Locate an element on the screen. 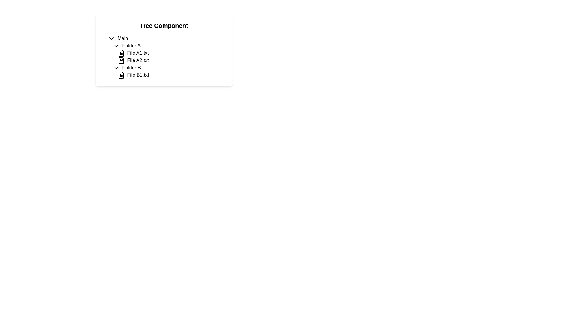  the rectangular icon that resembles an outlined file with a folded corner, located under 'Folder B' and associated with 'File B1.txt' is located at coordinates (121, 75).